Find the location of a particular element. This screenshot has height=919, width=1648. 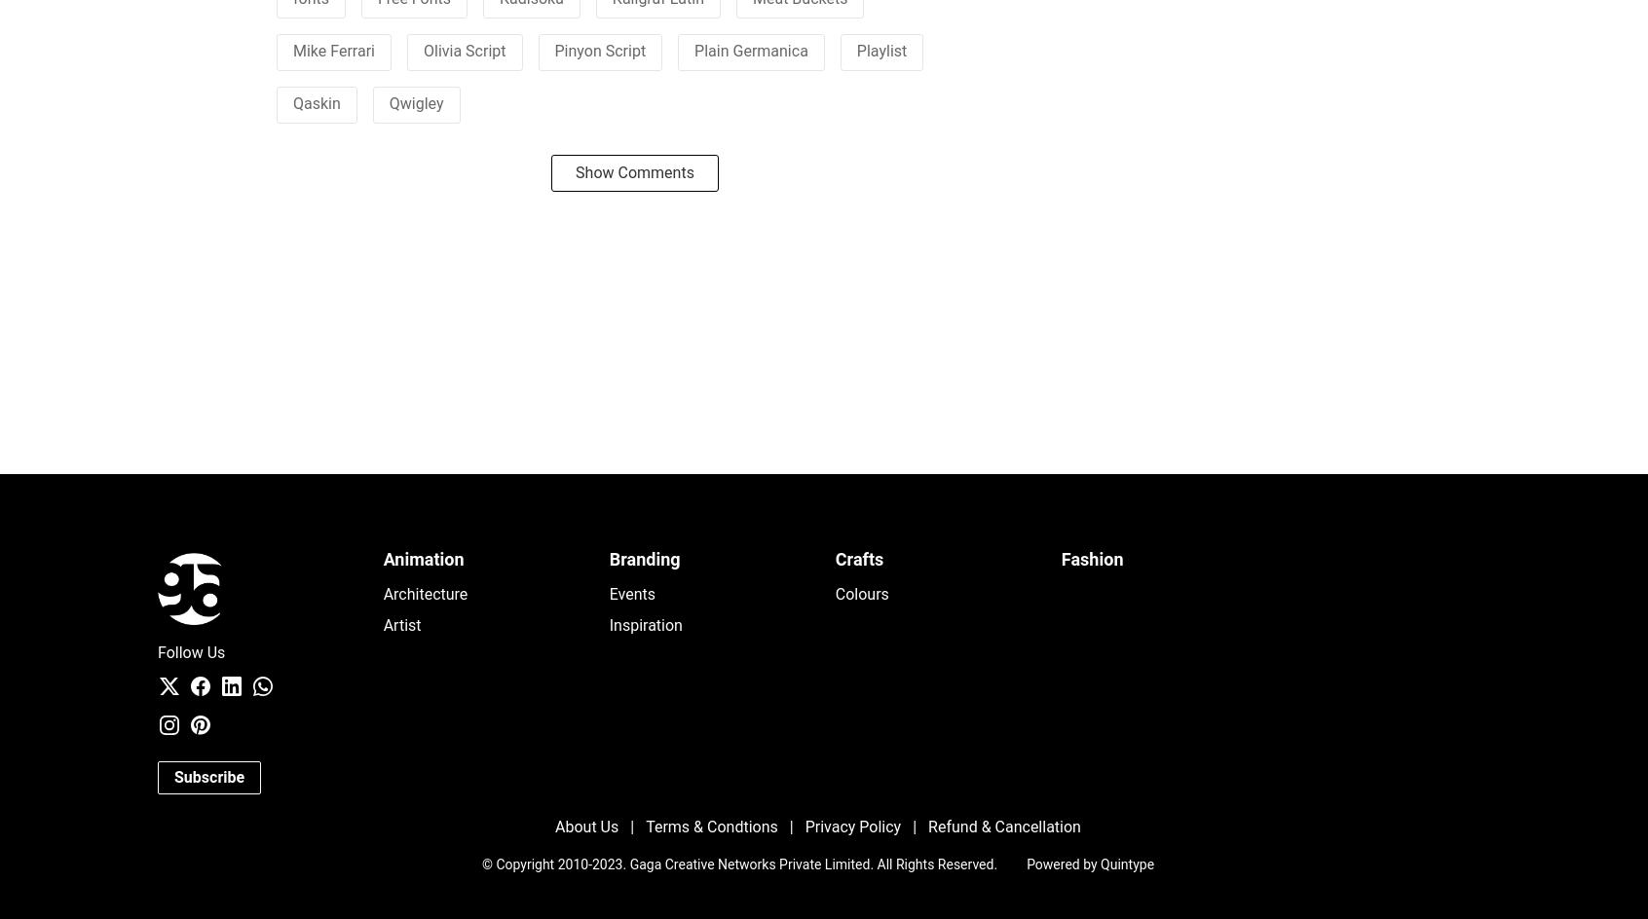

'Colours' is located at coordinates (860, 594).